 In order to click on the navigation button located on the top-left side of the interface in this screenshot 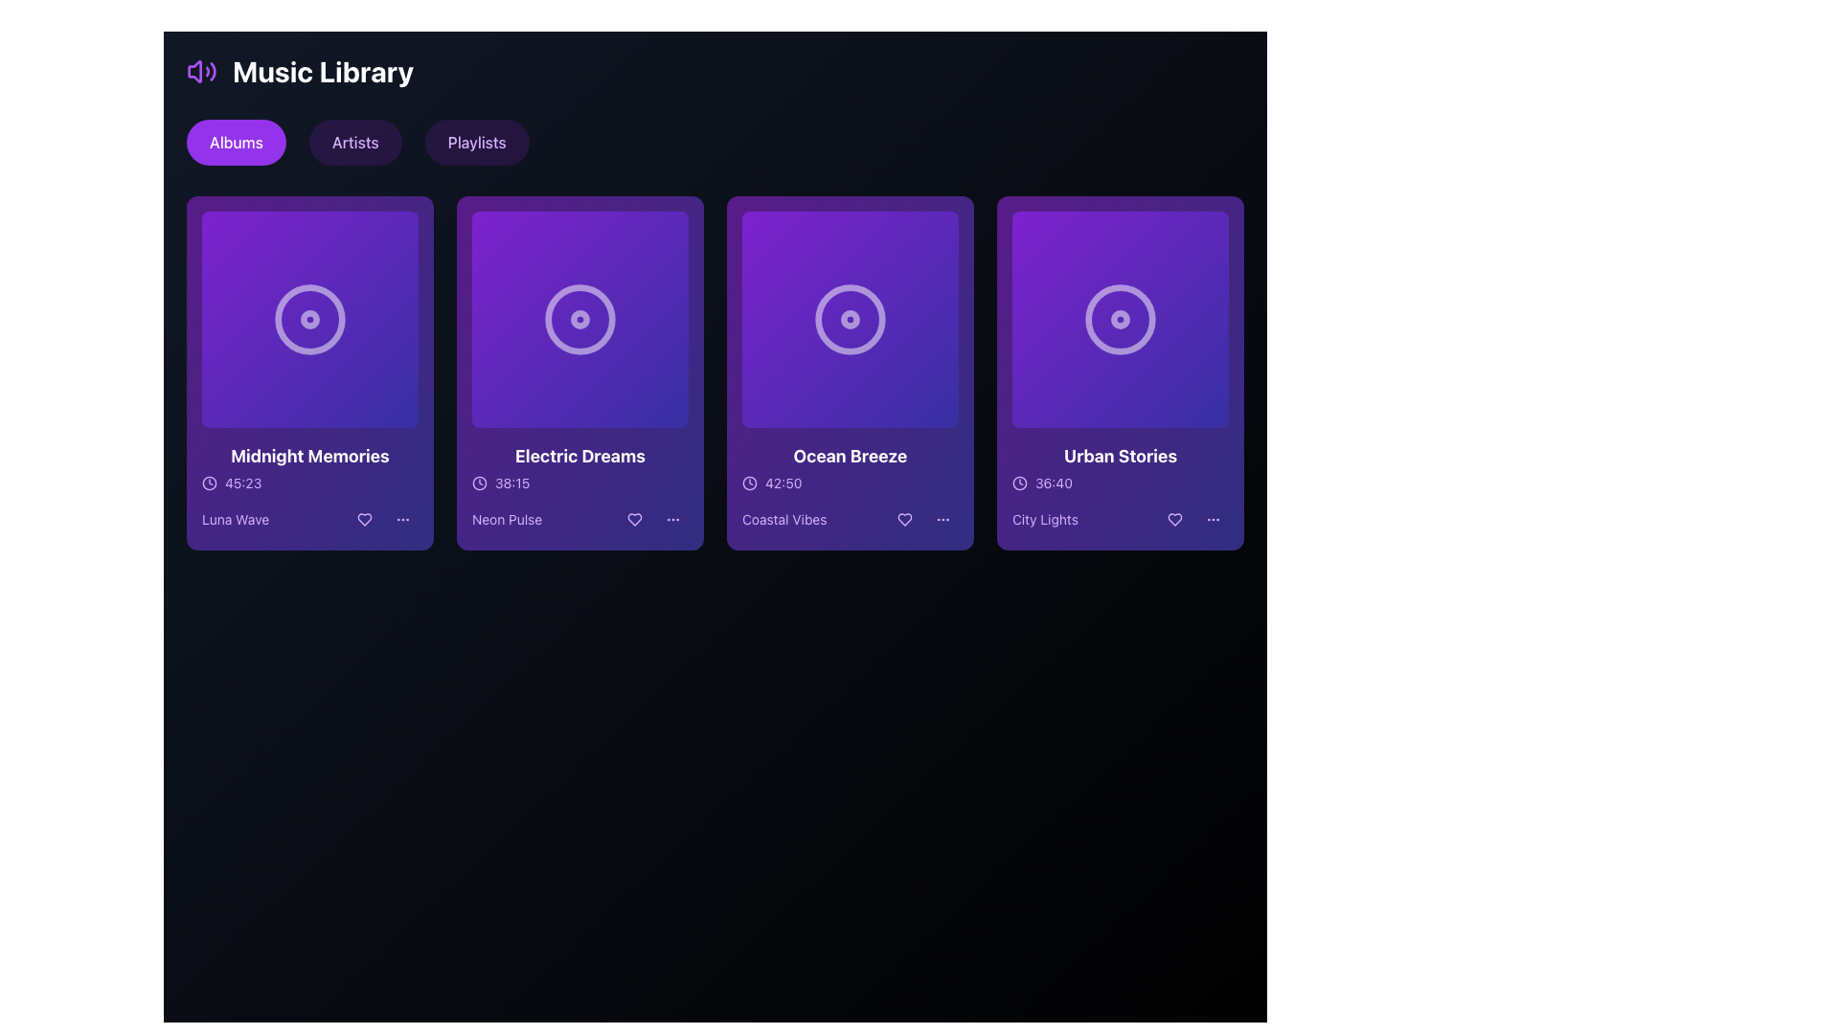, I will do `click(235, 142)`.